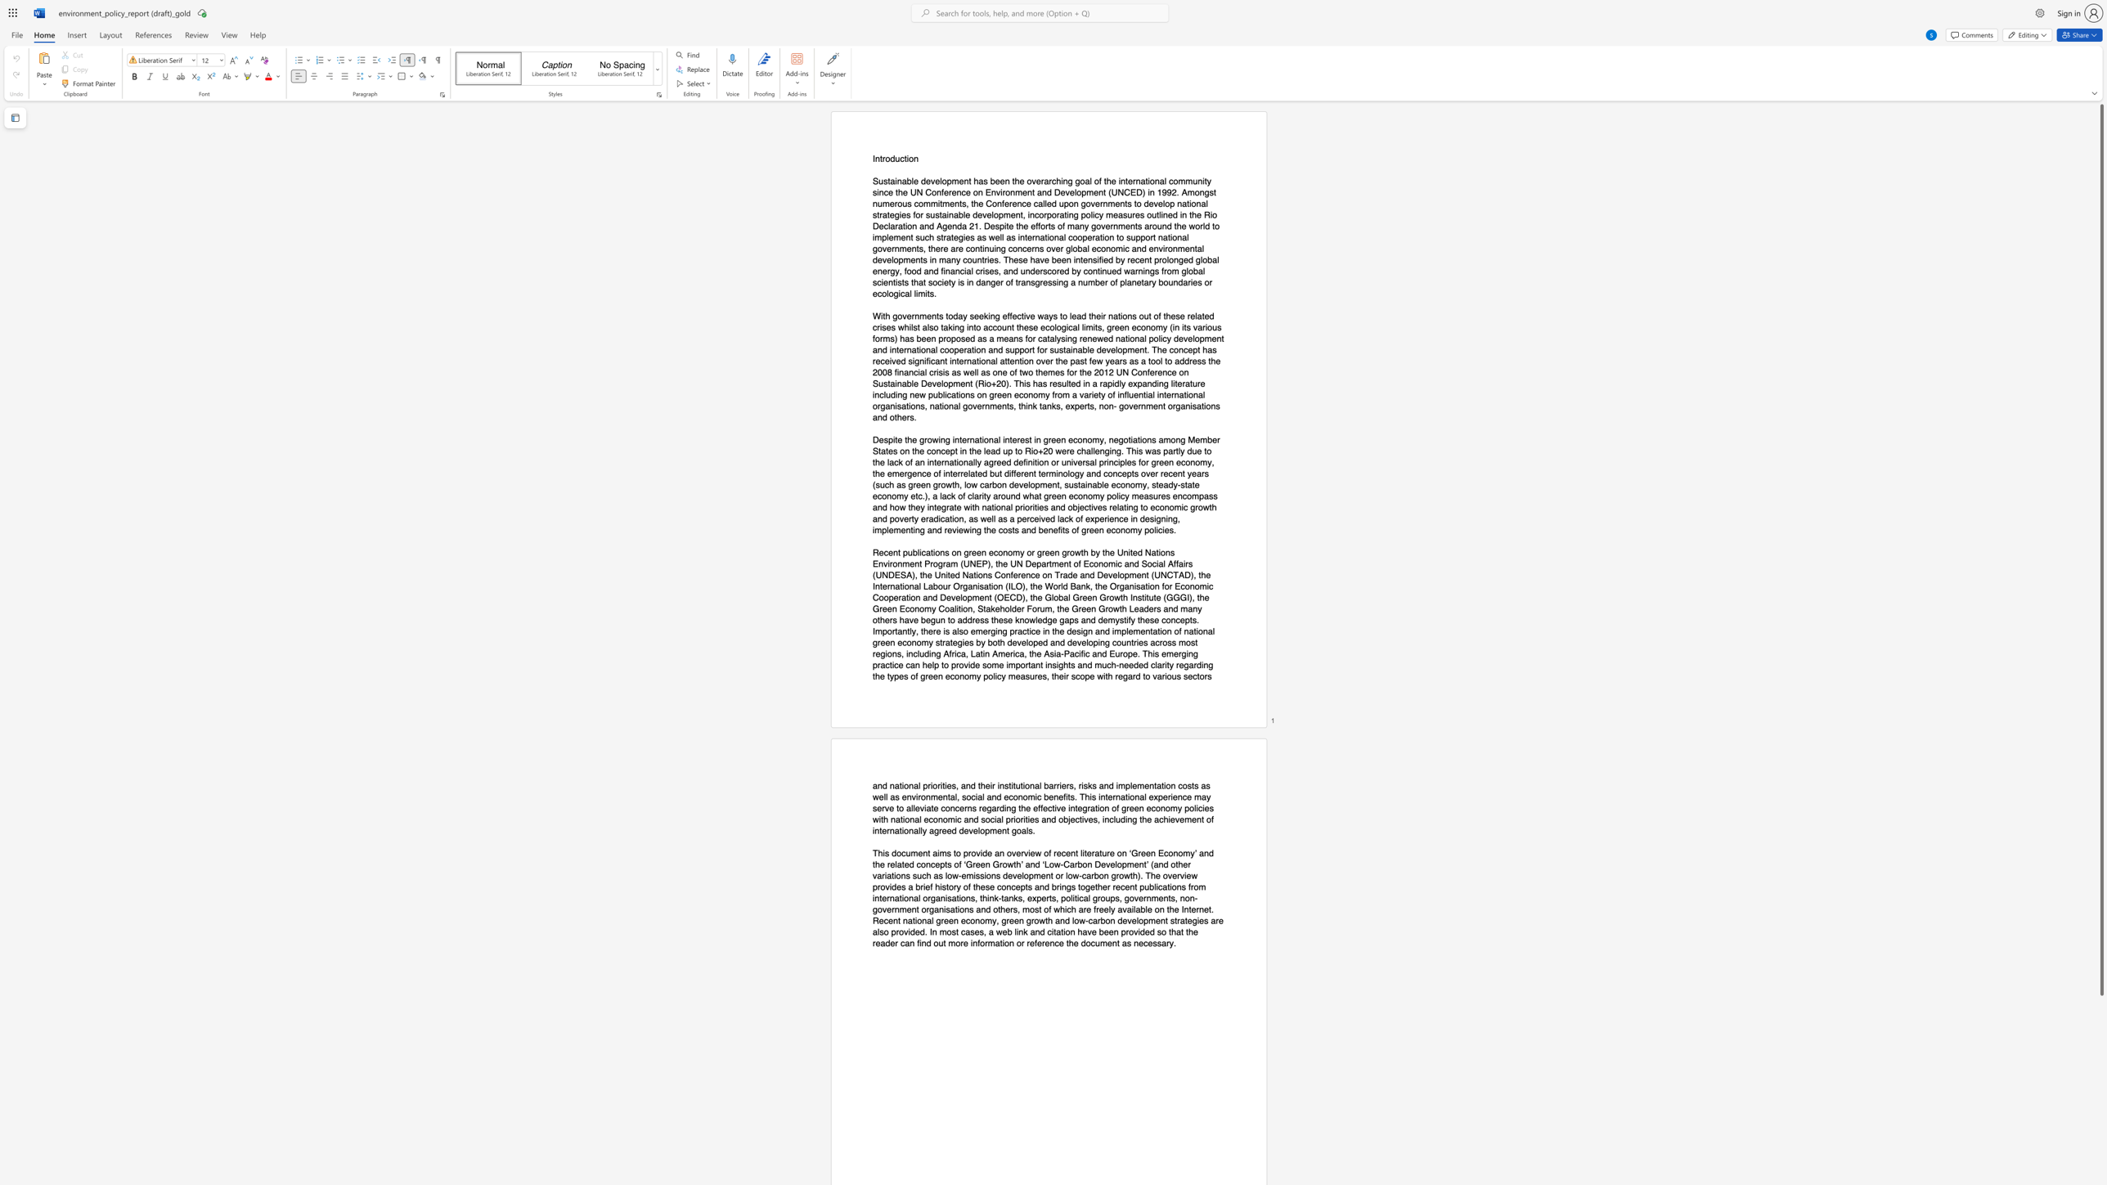  Describe the element at coordinates (2100, 1080) in the screenshot. I see `the scrollbar on the right to shift the page lower` at that location.